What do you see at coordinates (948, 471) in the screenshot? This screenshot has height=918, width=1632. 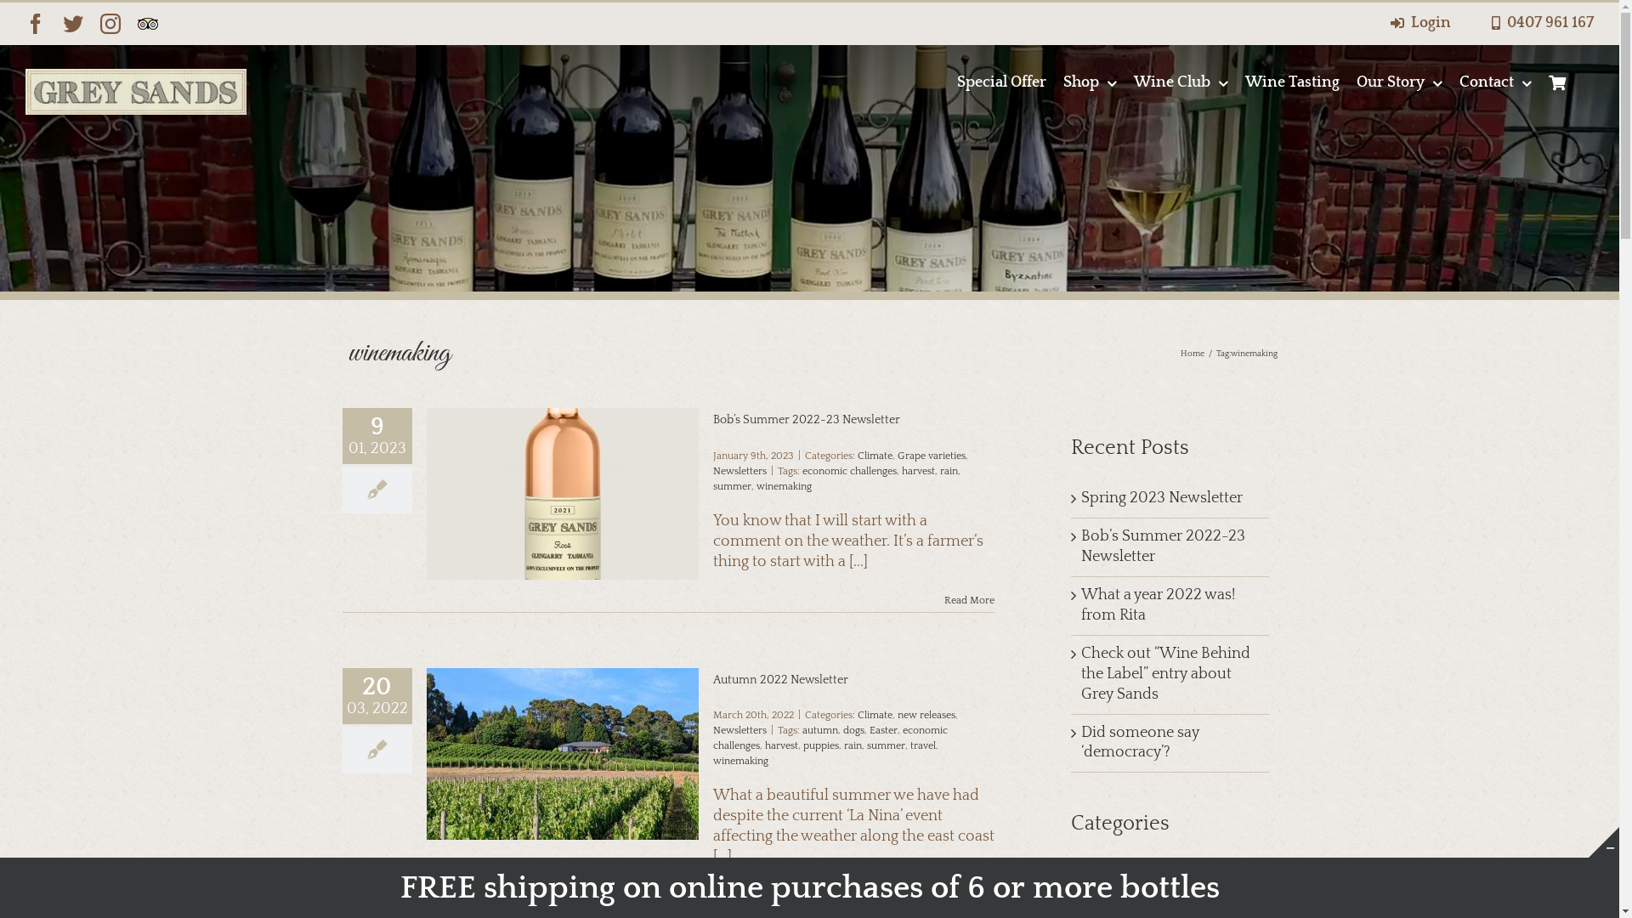 I see `'rain'` at bounding box center [948, 471].